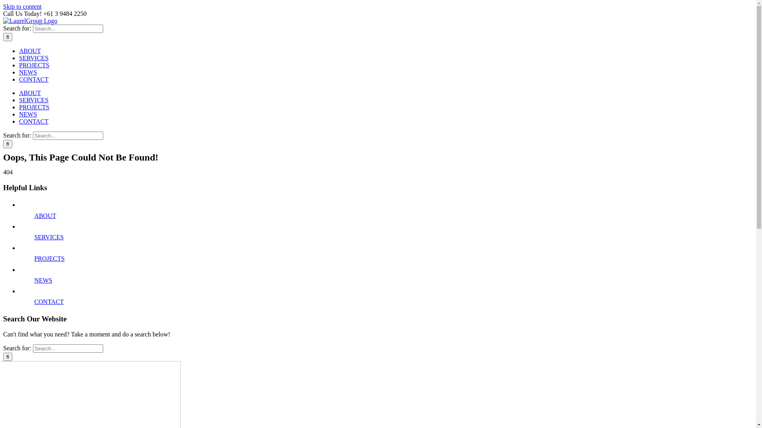 Image resolution: width=762 pixels, height=428 pixels. I want to click on 'SERVICES', so click(48, 237).